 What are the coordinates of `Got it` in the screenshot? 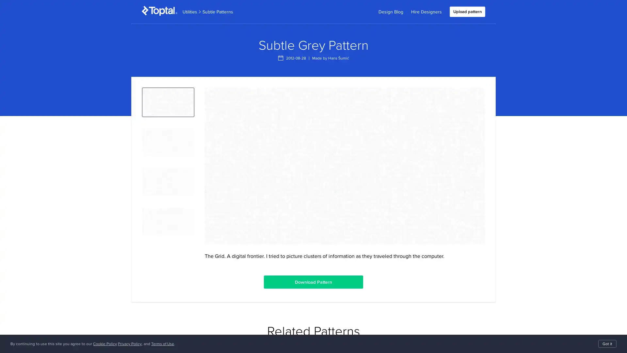 It's located at (607, 344).